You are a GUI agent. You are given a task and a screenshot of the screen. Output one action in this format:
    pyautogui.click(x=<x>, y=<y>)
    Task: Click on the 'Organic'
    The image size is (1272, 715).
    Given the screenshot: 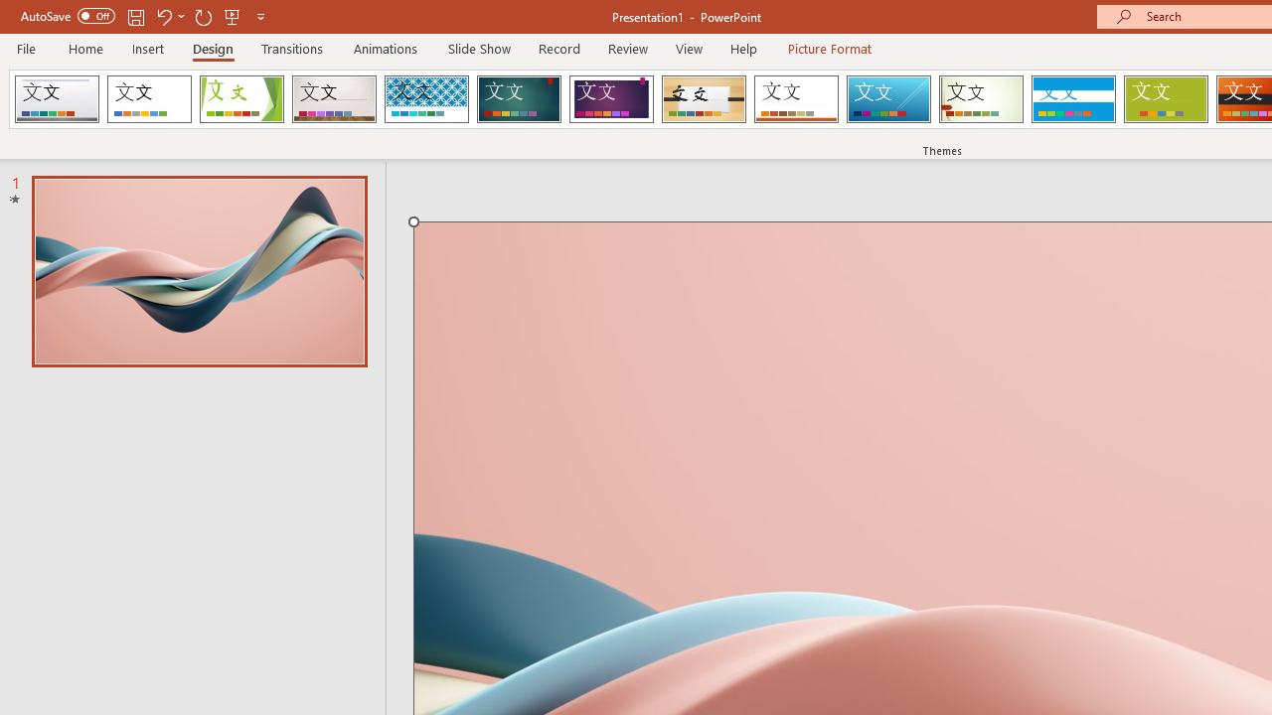 What is the action you would take?
    pyautogui.click(x=704, y=99)
    